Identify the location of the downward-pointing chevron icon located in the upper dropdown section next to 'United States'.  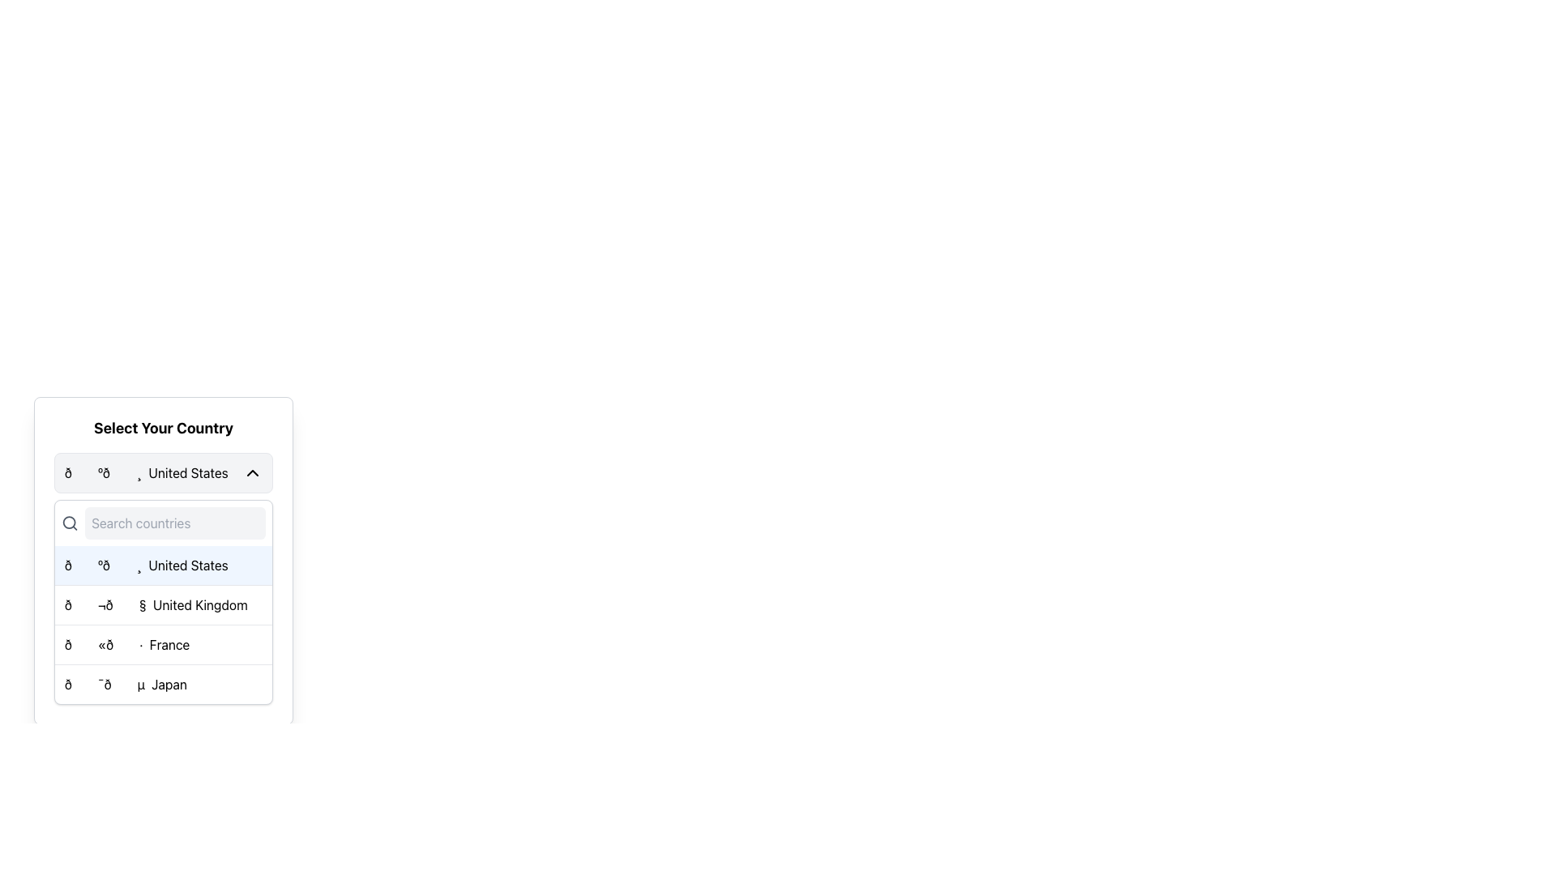
(252, 472).